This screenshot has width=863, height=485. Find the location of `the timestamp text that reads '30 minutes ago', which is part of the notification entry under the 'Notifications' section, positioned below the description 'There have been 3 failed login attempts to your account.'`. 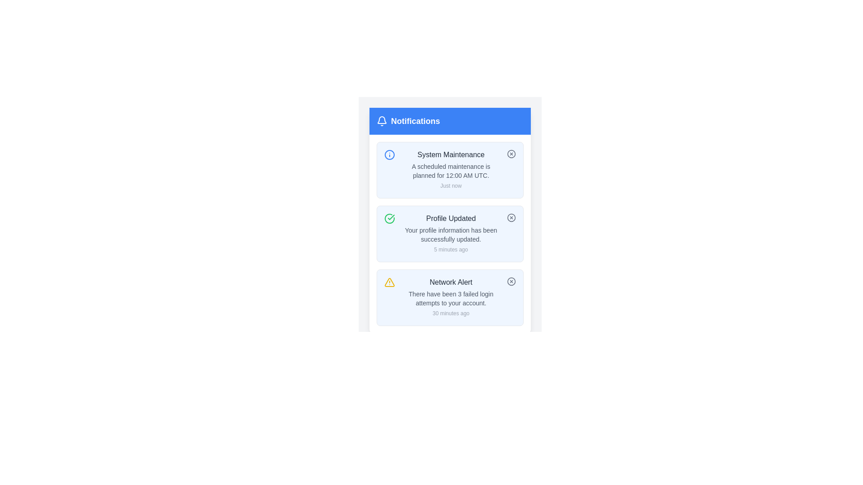

the timestamp text that reads '30 minutes ago', which is part of the notification entry under the 'Notifications' section, positioned below the description 'There have been 3 failed login attempts to your account.' is located at coordinates (451, 313).